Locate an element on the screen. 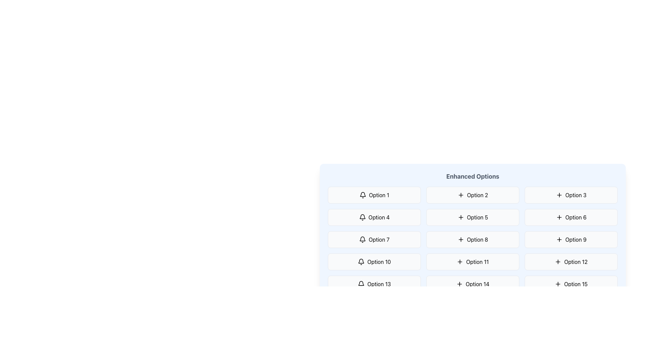 The height and width of the screenshot is (364, 647). the sixth button in the grid layout, located in the second row and third column is located at coordinates (571, 217).